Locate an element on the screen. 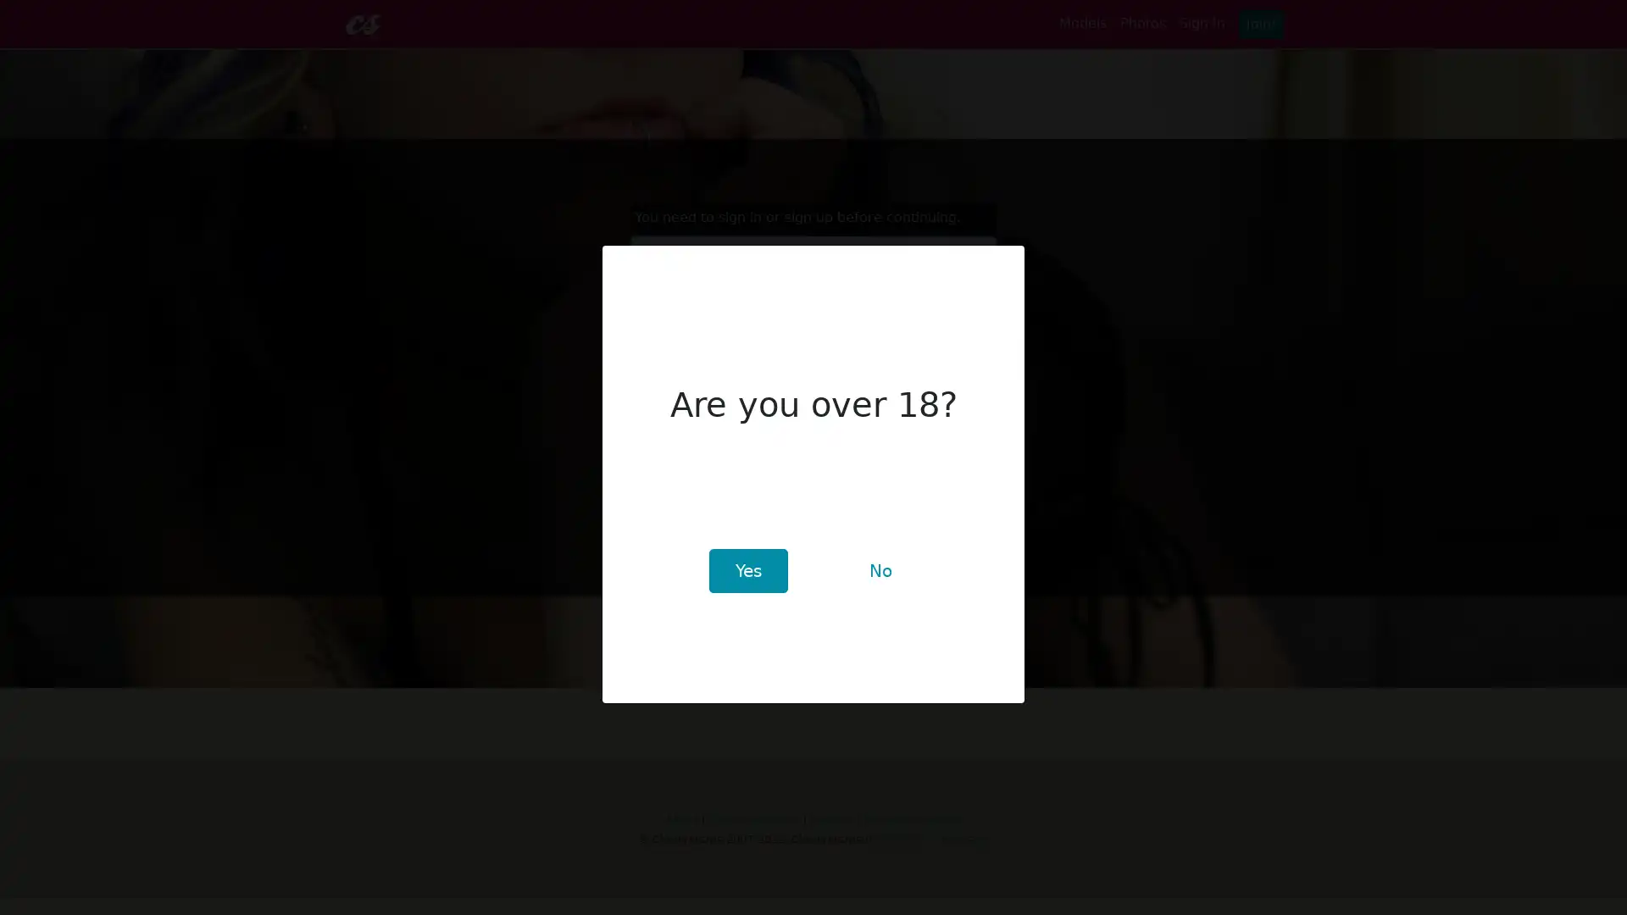 The width and height of the screenshot is (1627, 915). Yes is located at coordinates (747, 571).